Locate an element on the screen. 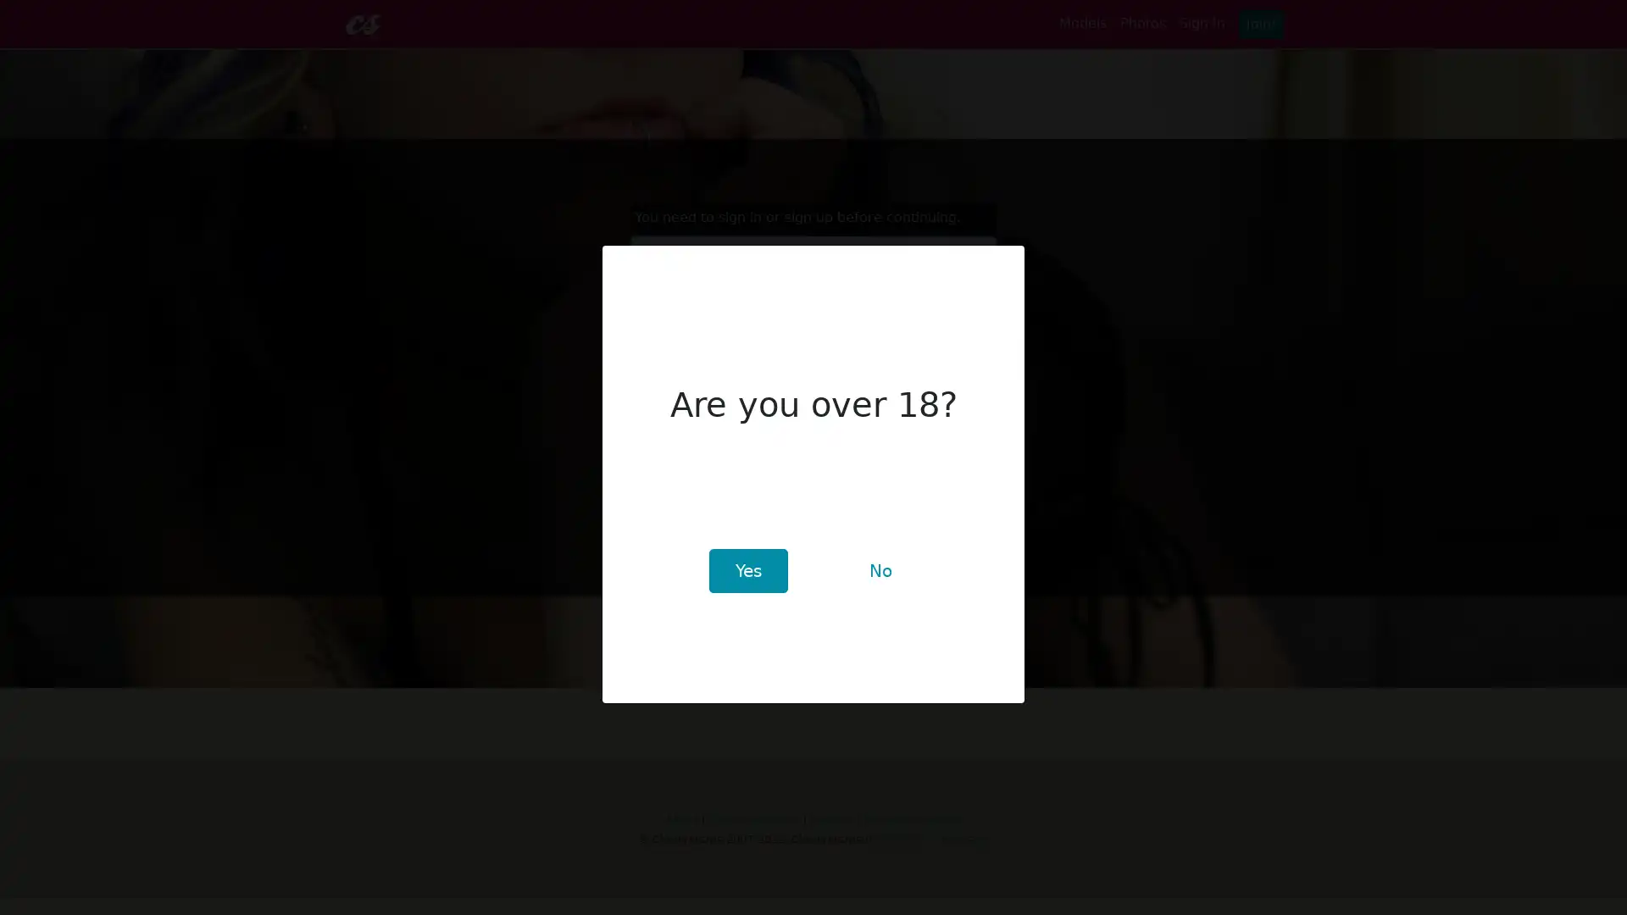 The width and height of the screenshot is (1627, 915). Yes is located at coordinates (747, 571).